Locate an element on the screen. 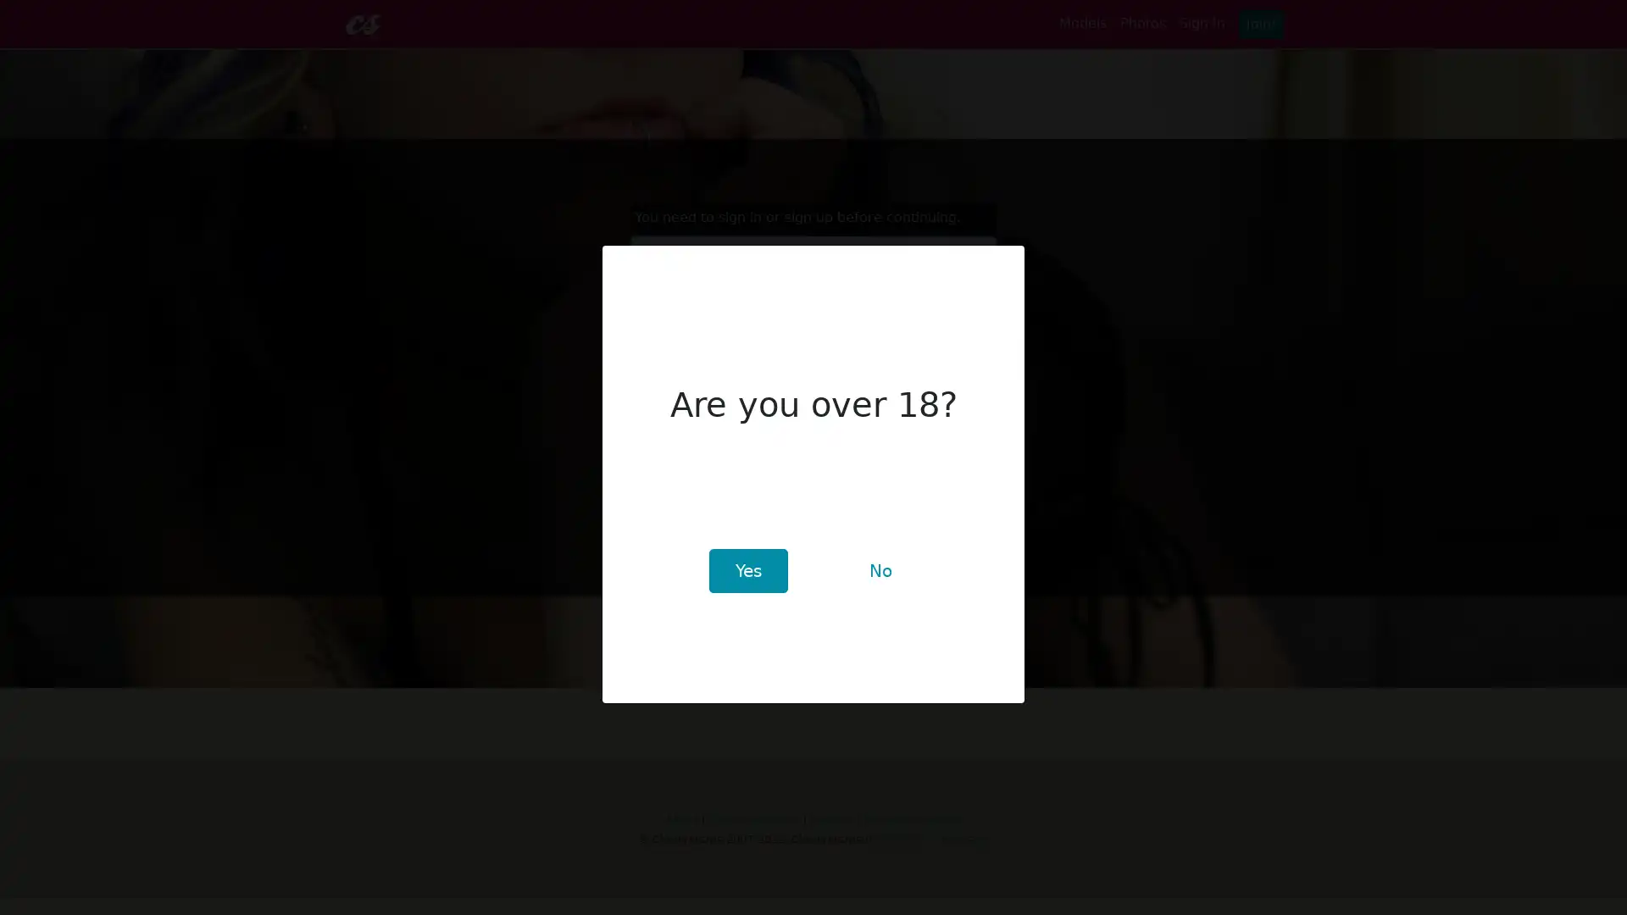 The width and height of the screenshot is (1627, 915). Yes is located at coordinates (747, 571).